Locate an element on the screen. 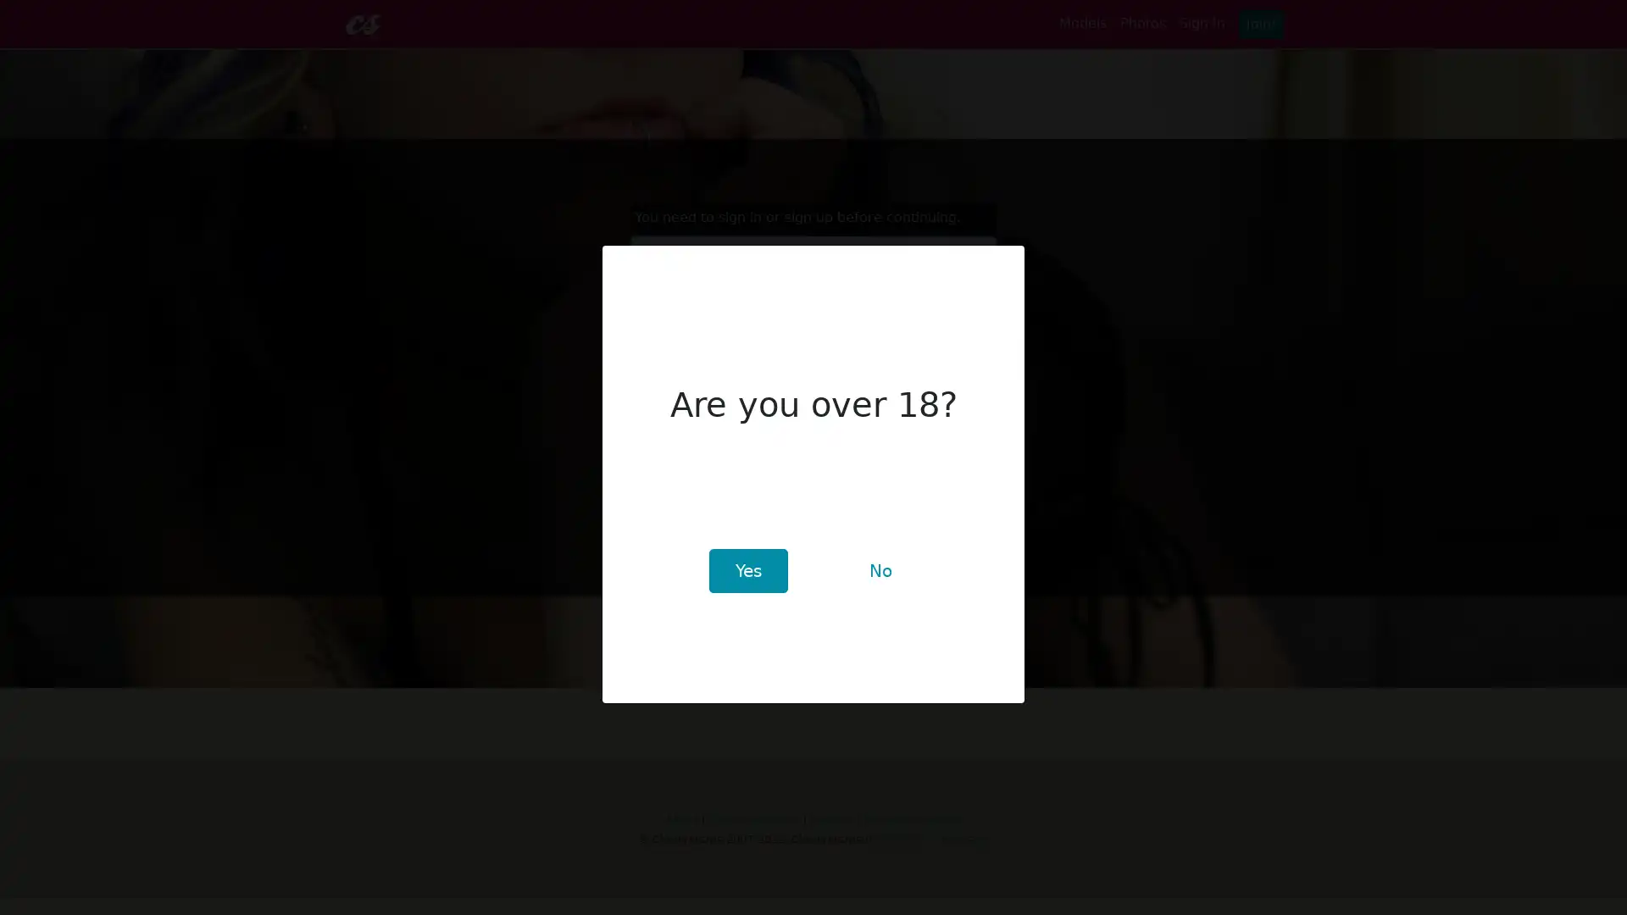 The width and height of the screenshot is (1627, 915). Yes is located at coordinates (747, 571).